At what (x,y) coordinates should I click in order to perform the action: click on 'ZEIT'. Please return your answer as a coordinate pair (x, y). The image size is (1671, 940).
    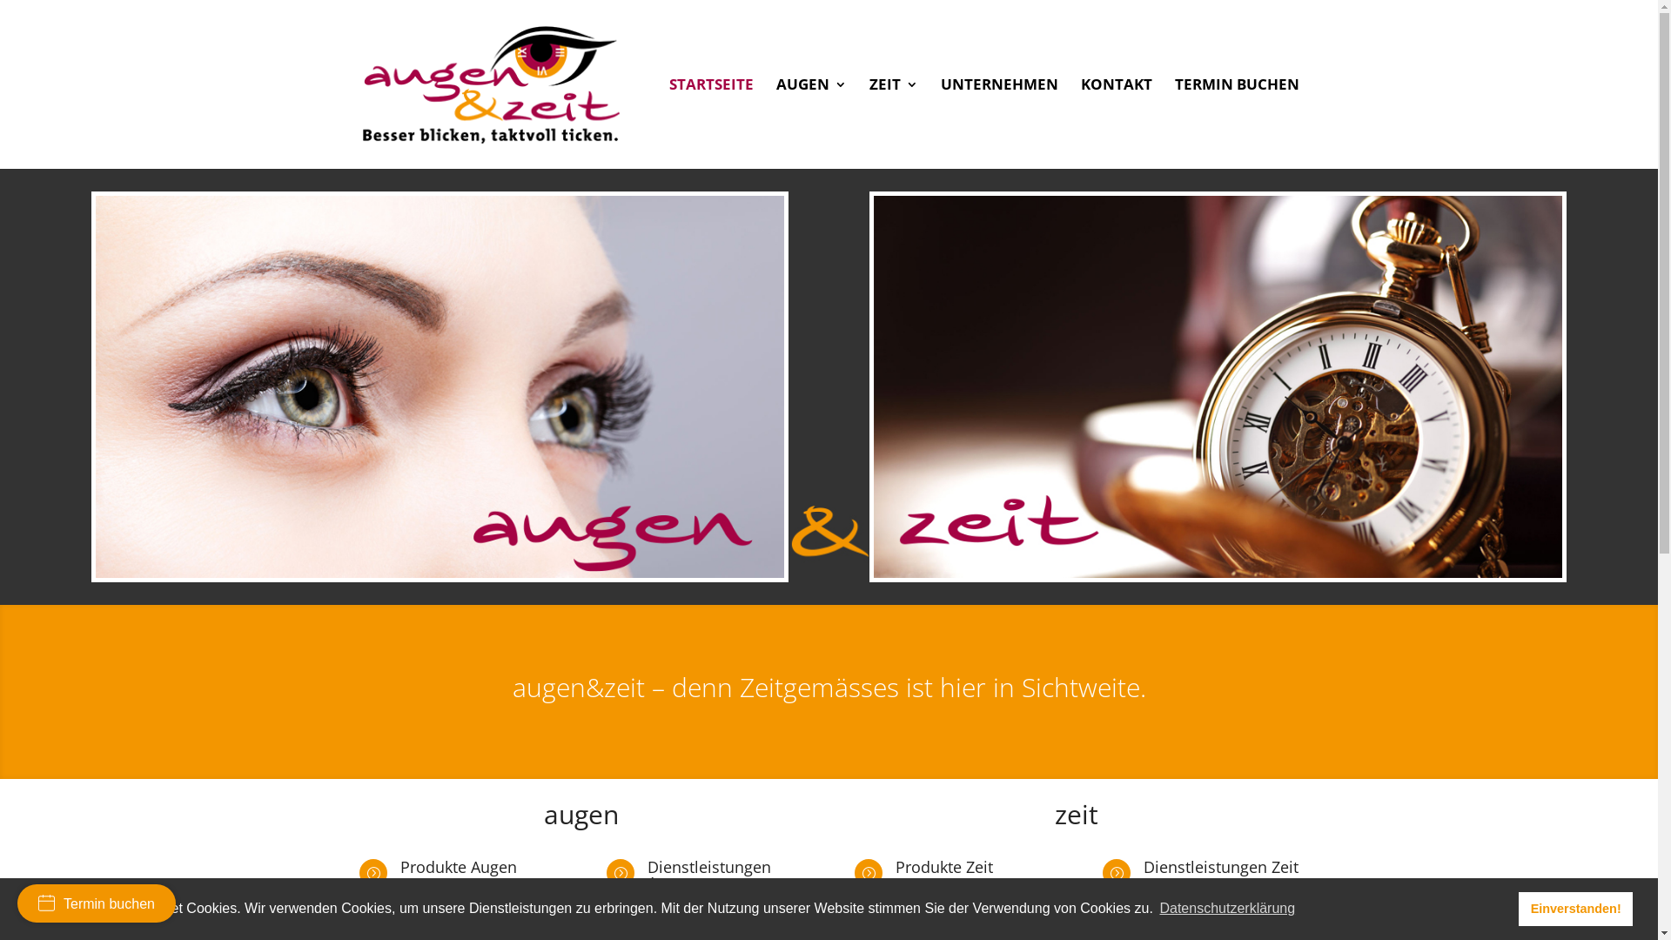
    Looking at the image, I should click on (893, 123).